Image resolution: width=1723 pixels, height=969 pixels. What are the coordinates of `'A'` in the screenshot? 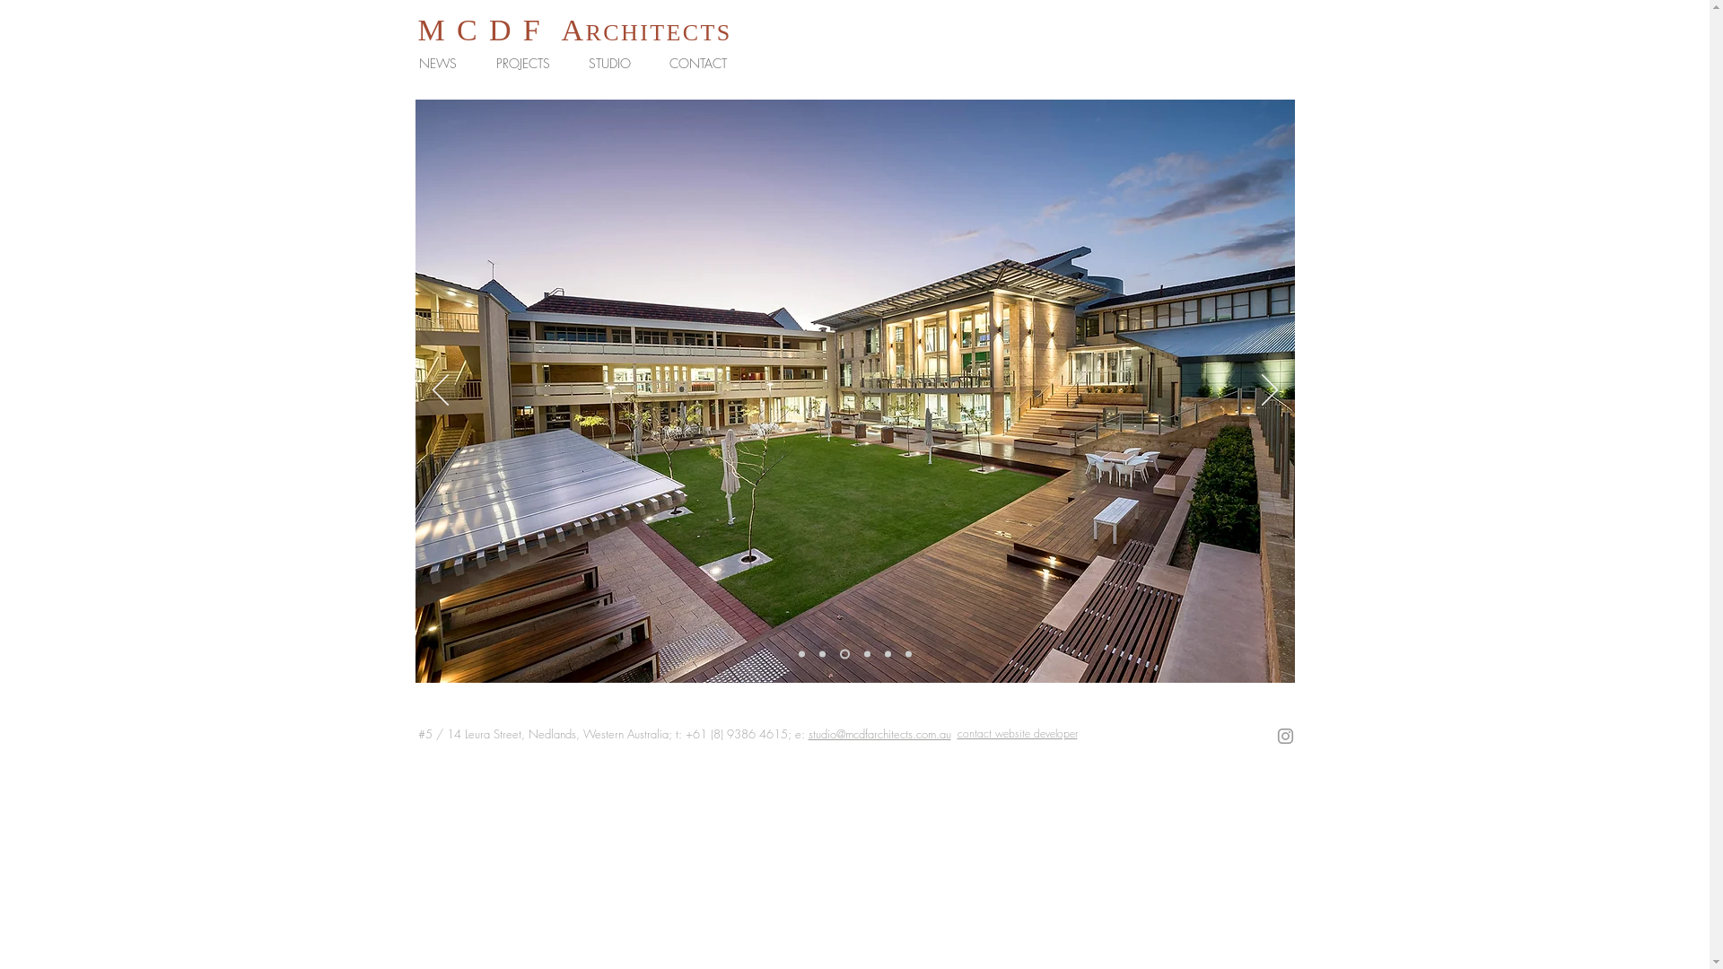 It's located at (573, 30).